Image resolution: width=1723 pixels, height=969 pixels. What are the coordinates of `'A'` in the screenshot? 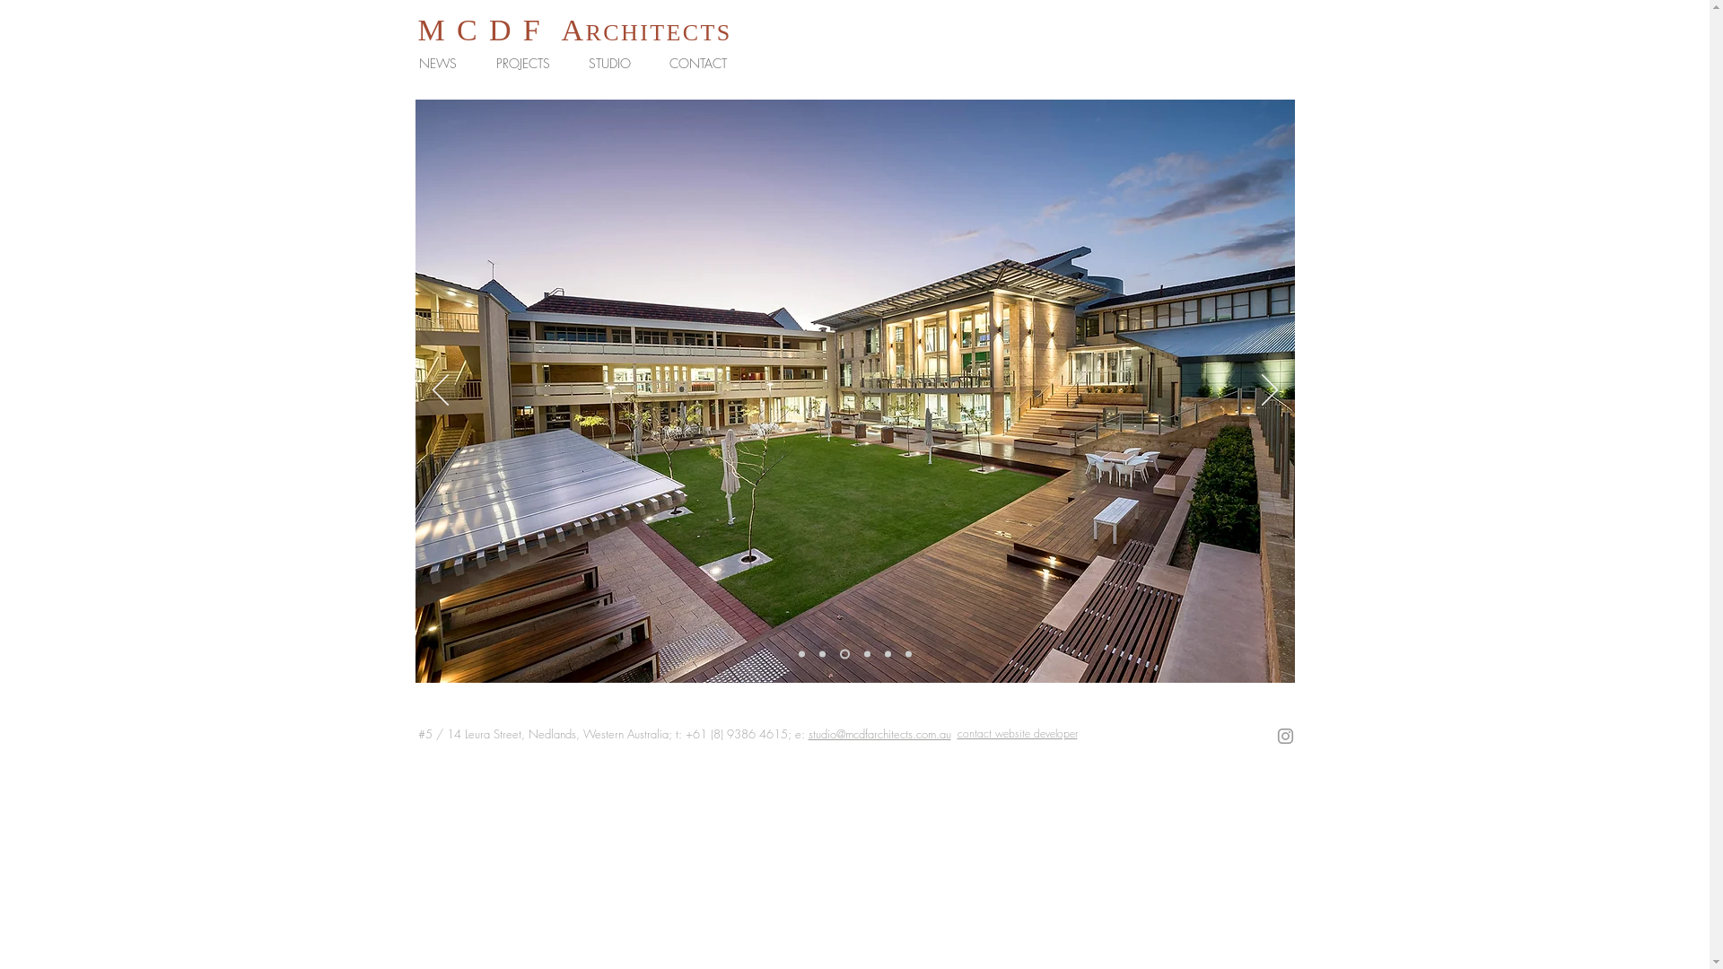 It's located at (573, 30).